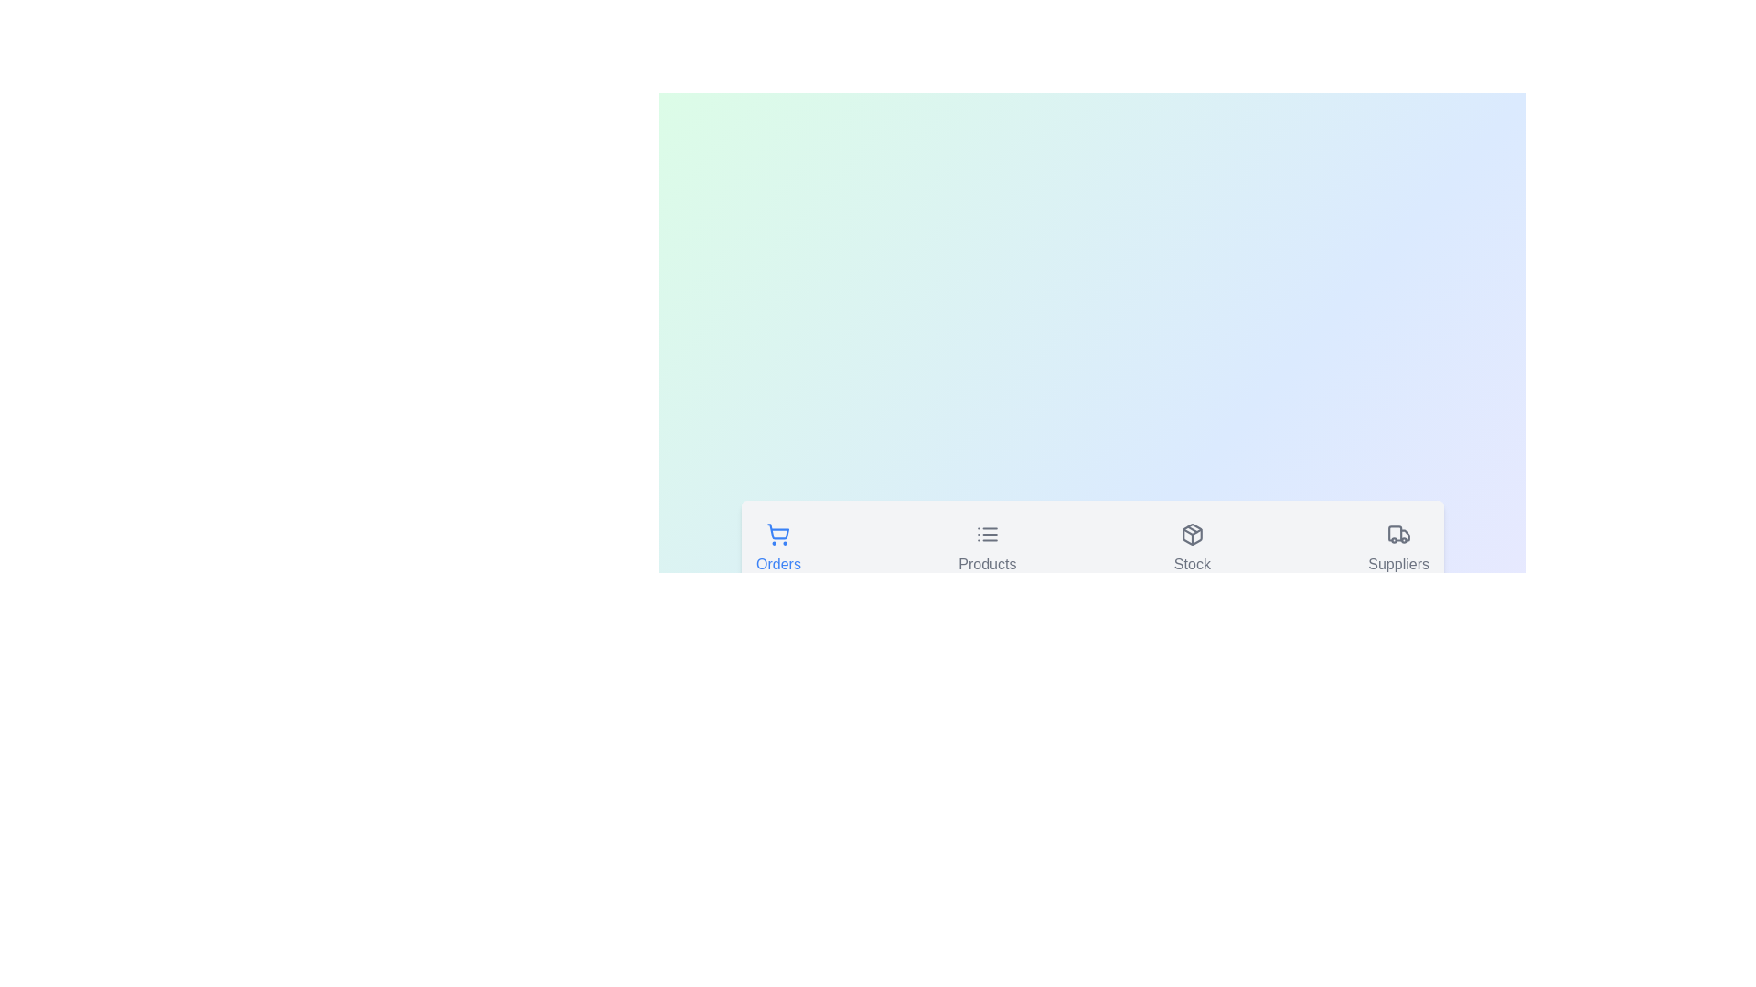 This screenshot has height=987, width=1756. I want to click on the icon of the Stock tab, so click(1192, 549).